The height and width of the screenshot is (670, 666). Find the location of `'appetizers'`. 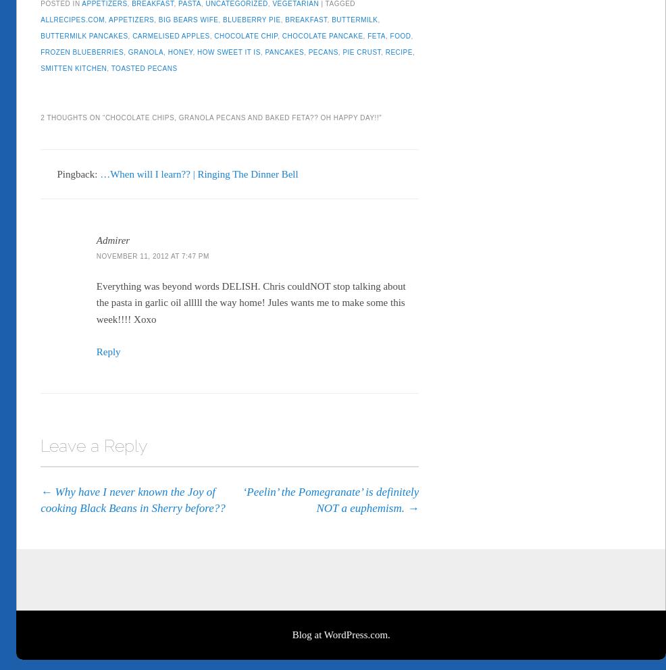

'appetizers' is located at coordinates (130, 16).